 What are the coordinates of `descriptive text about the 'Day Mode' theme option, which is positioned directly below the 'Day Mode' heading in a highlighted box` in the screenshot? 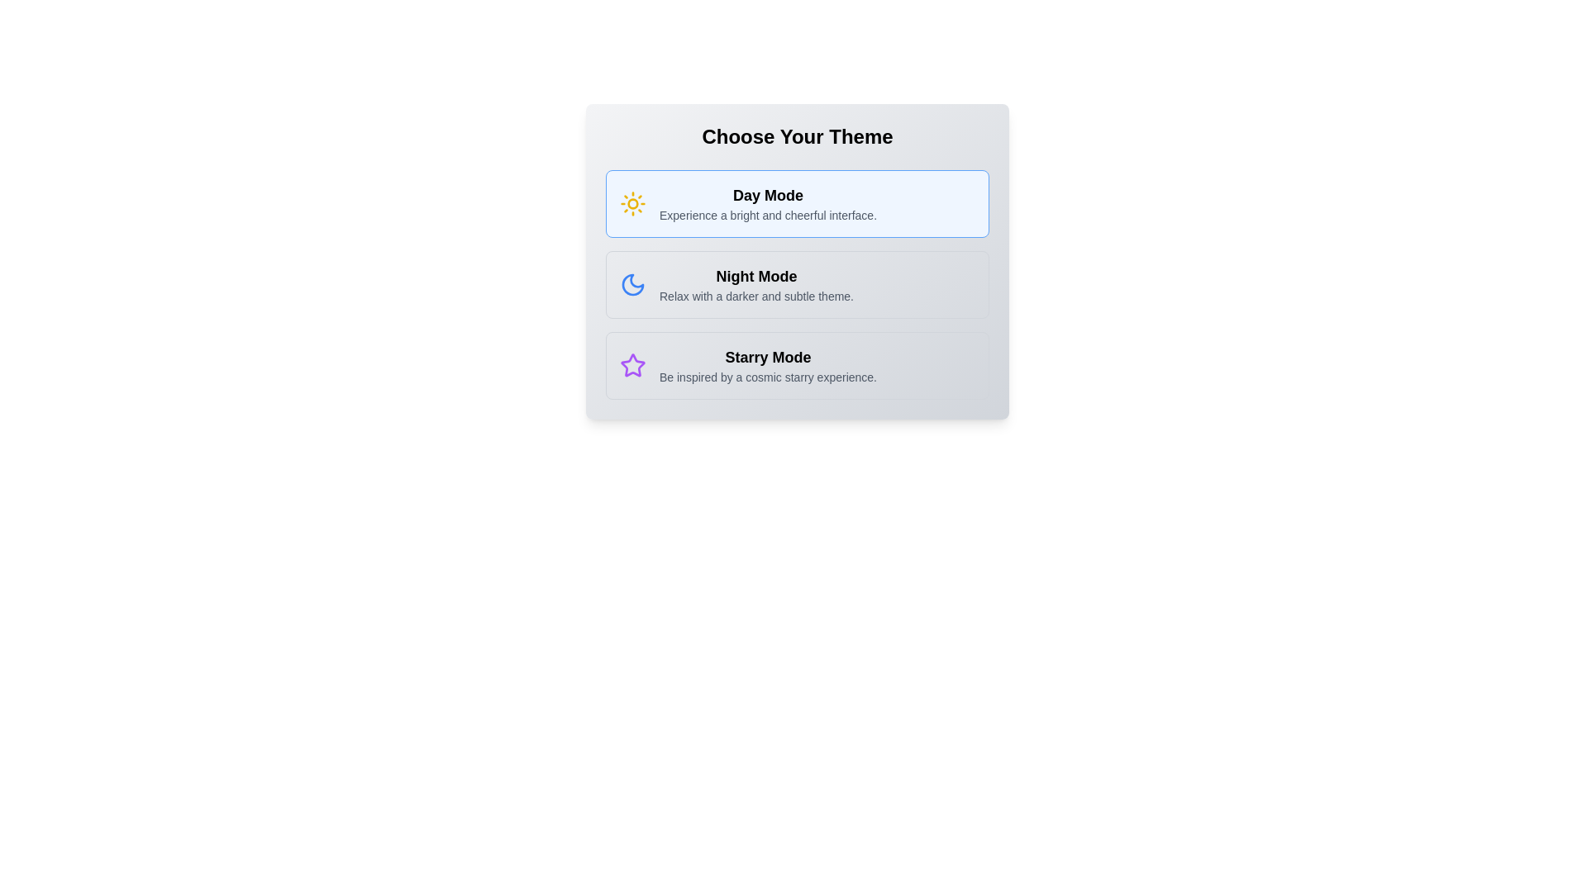 It's located at (767, 215).